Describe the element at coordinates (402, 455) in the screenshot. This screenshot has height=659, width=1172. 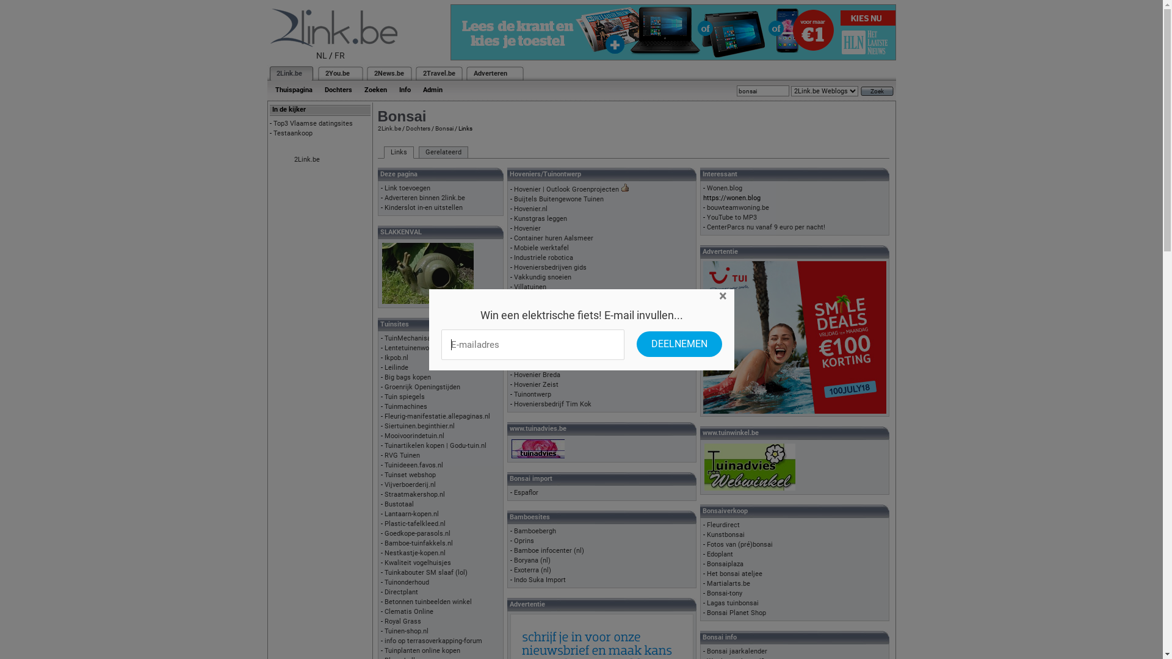
I see `'RVG Tuinen'` at that location.